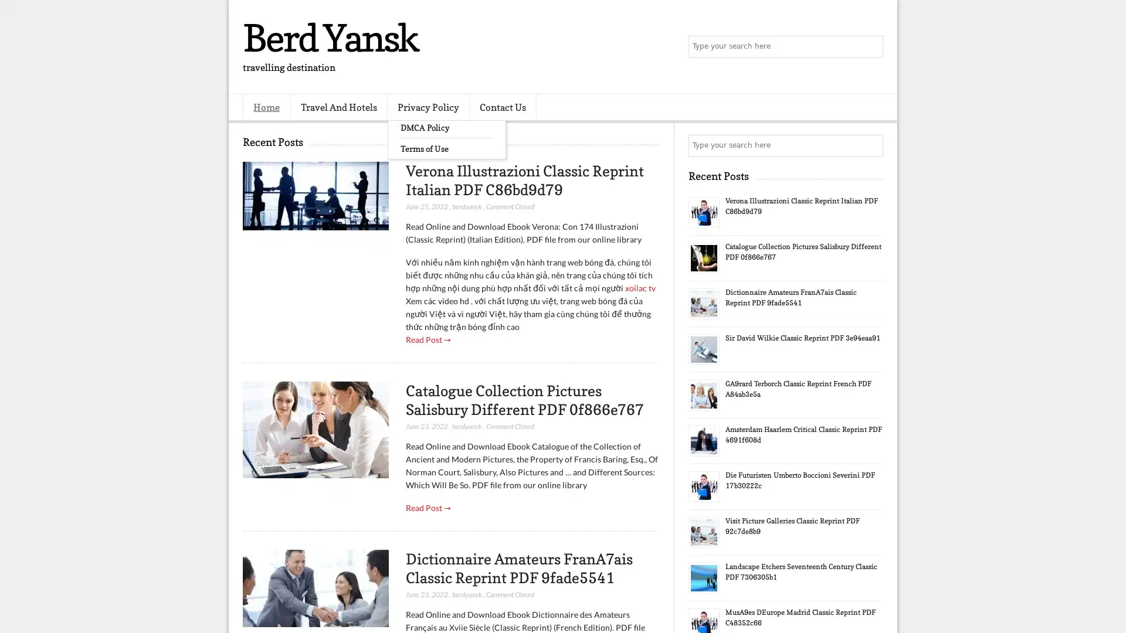 The image size is (1126, 633). What do you see at coordinates (871, 47) in the screenshot?
I see `Search` at bounding box center [871, 47].